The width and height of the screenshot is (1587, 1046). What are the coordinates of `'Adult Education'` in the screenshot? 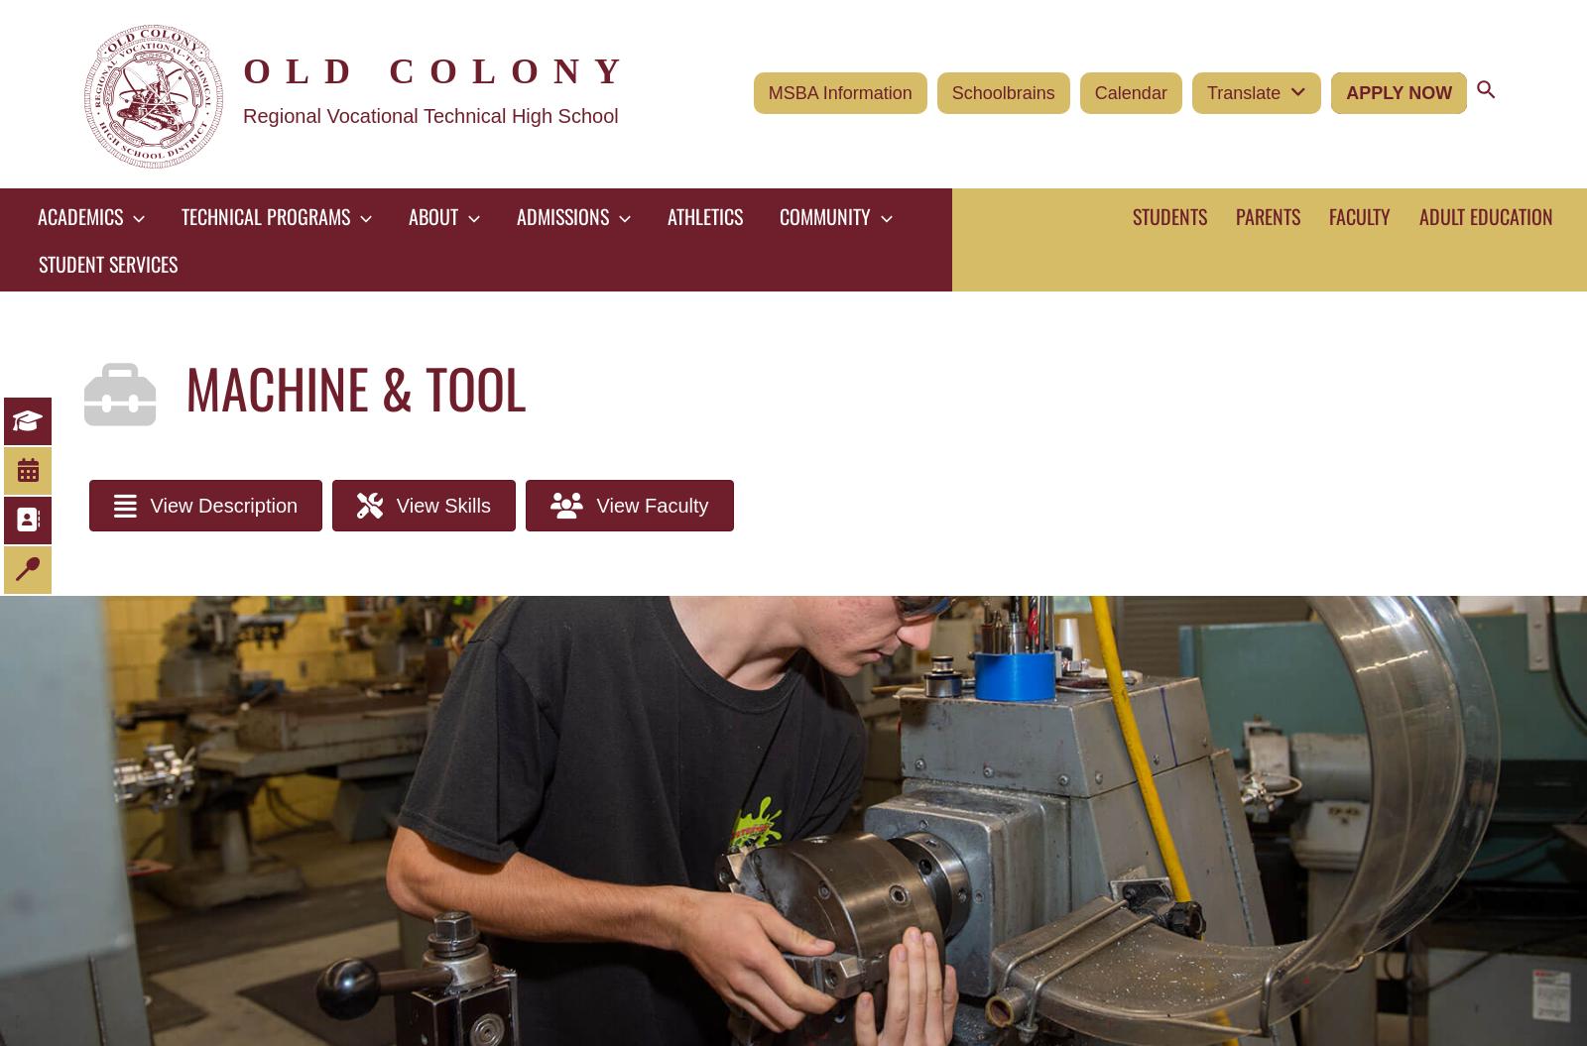 It's located at (1486, 214).